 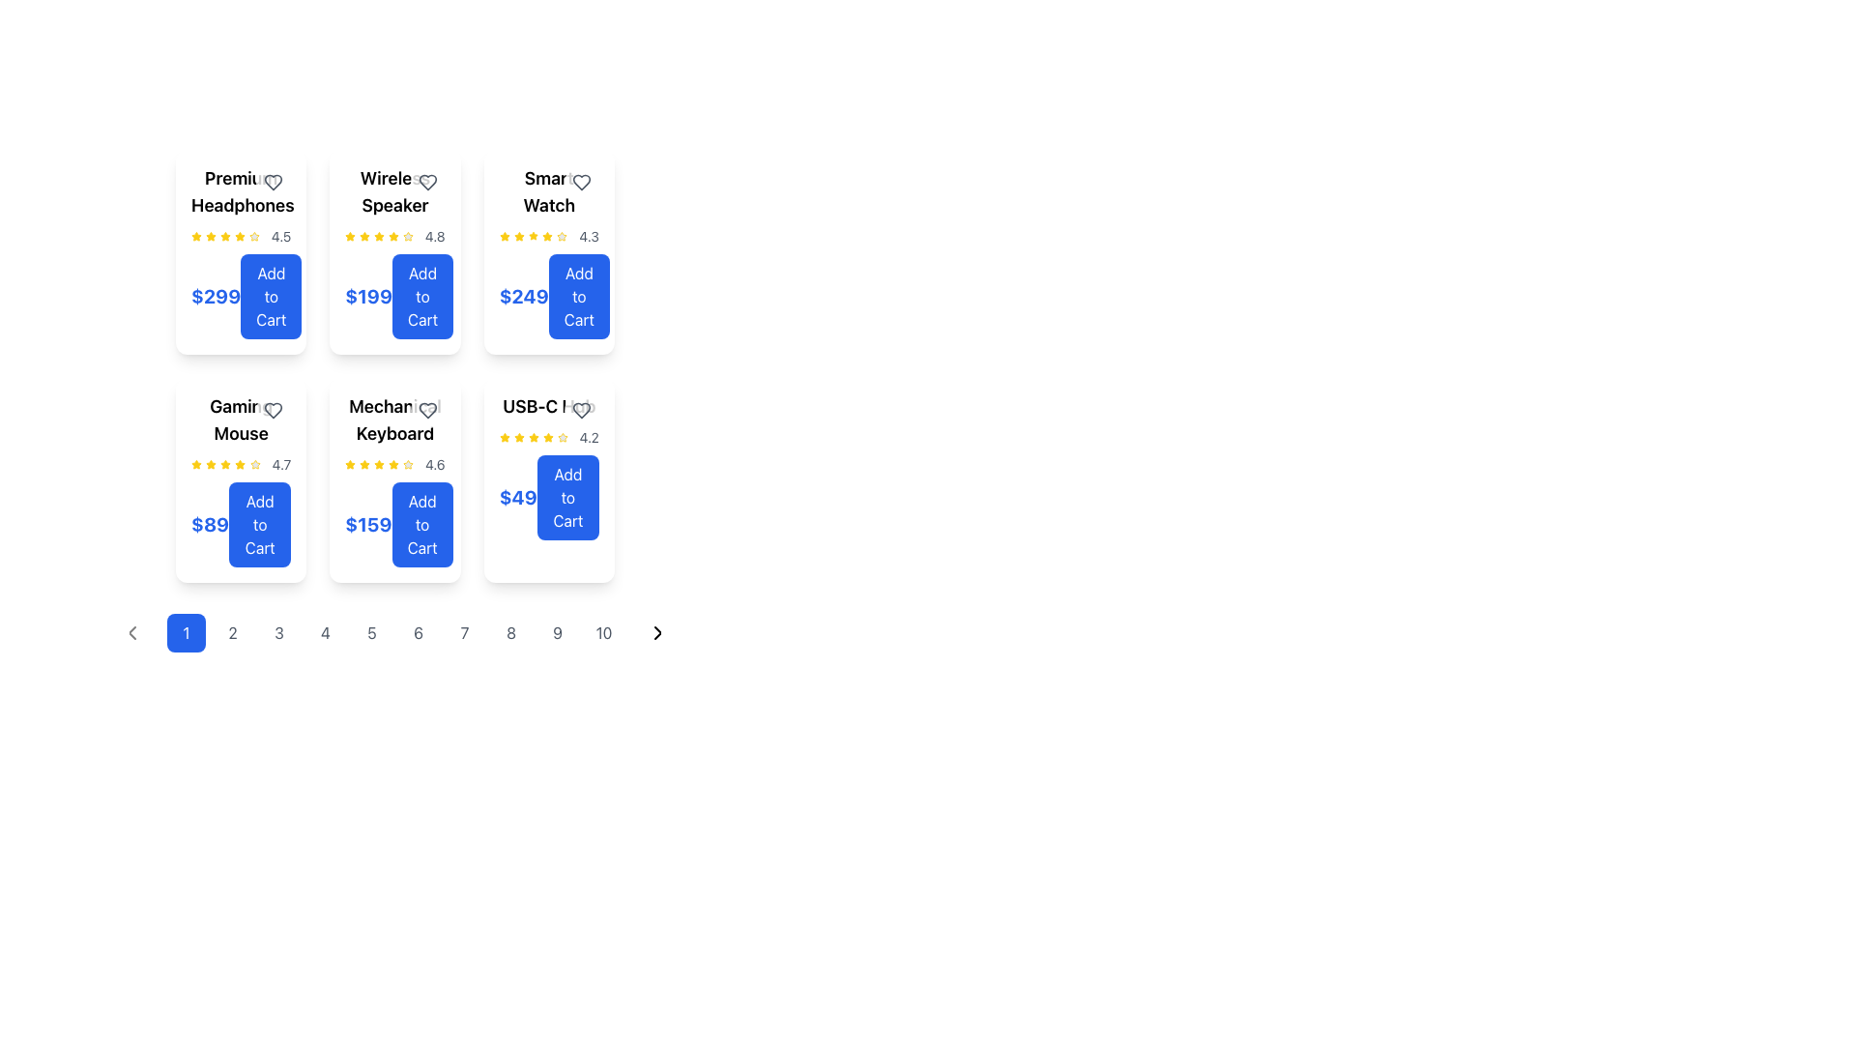 I want to click on the star-shaped icon filled with yellow color and outlined with a darker yellow or orange border, which is part of the rating section for the product labeled 'Premium Headphones' in the top-left card of the product grid, so click(x=239, y=235).